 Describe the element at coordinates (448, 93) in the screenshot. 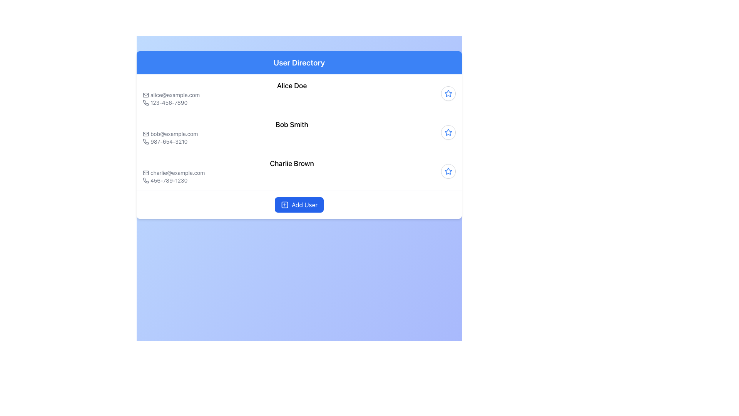

I see `the favorite button for user 'Alice Doe'` at that location.